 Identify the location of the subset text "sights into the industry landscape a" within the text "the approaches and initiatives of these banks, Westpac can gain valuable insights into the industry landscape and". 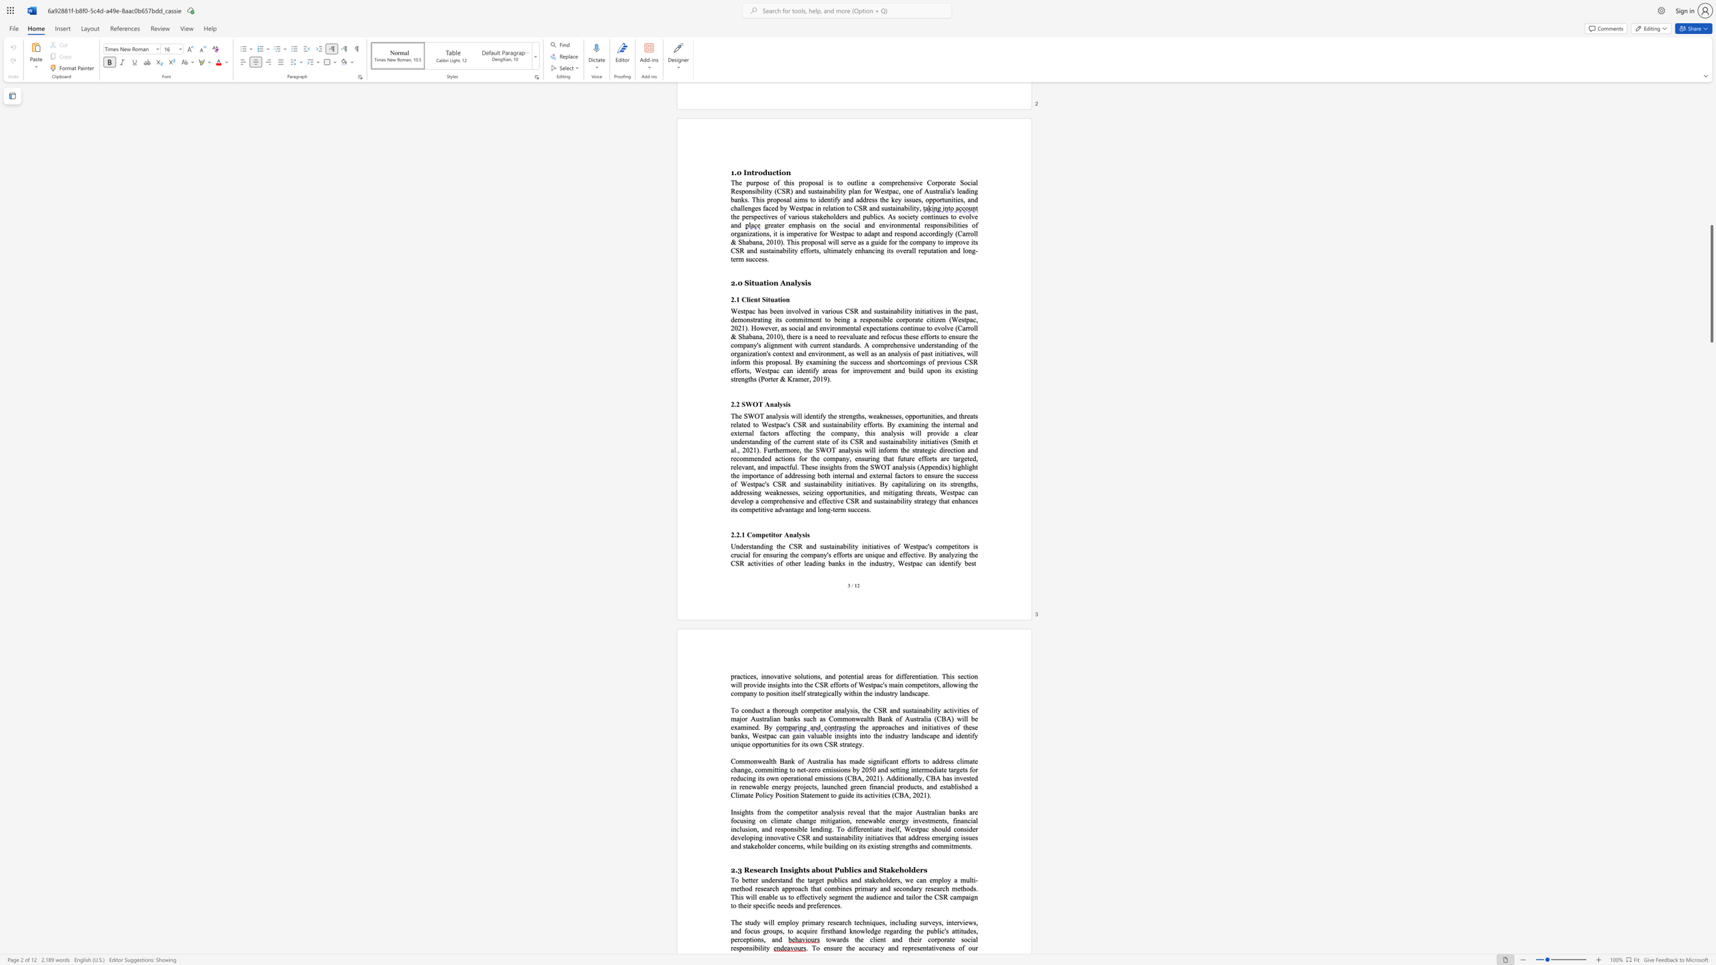
(839, 735).